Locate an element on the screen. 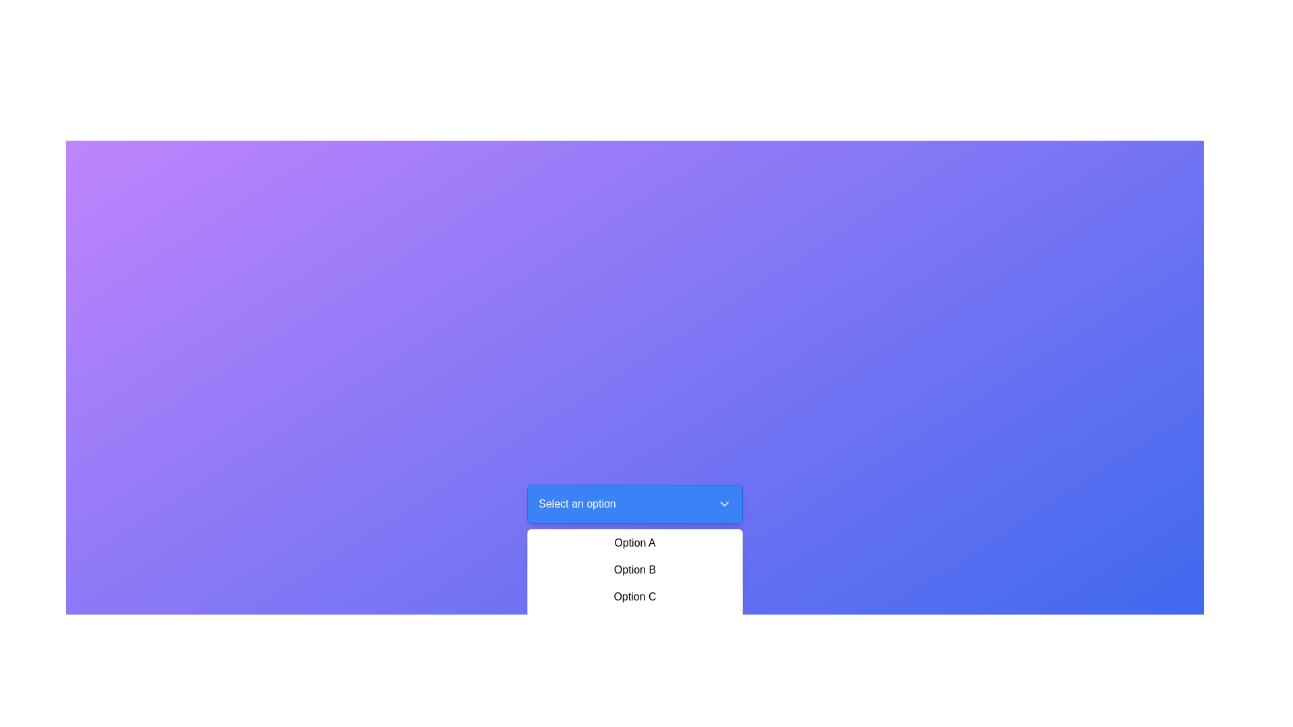 This screenshot has height=727, width=1293. the dropdown menu located at the center of the layout is located at coordinates (634, 504).